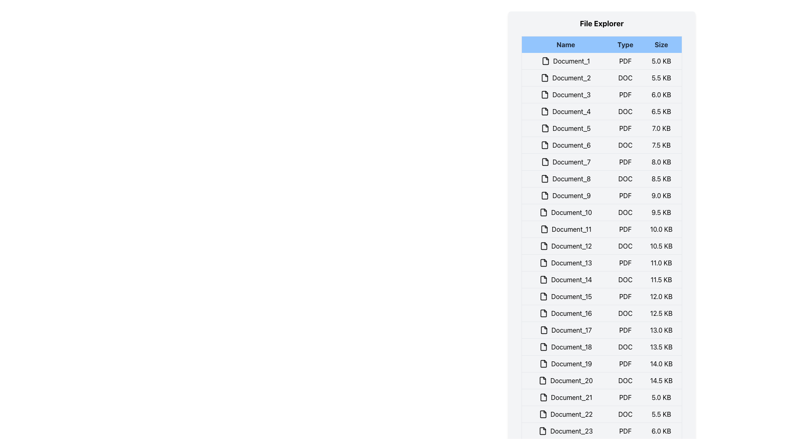 The image size is (789, 443). Describe the element at coordinates (602, 347) in the screenshot. I see `the file entry for 'Document_18'` at that location.